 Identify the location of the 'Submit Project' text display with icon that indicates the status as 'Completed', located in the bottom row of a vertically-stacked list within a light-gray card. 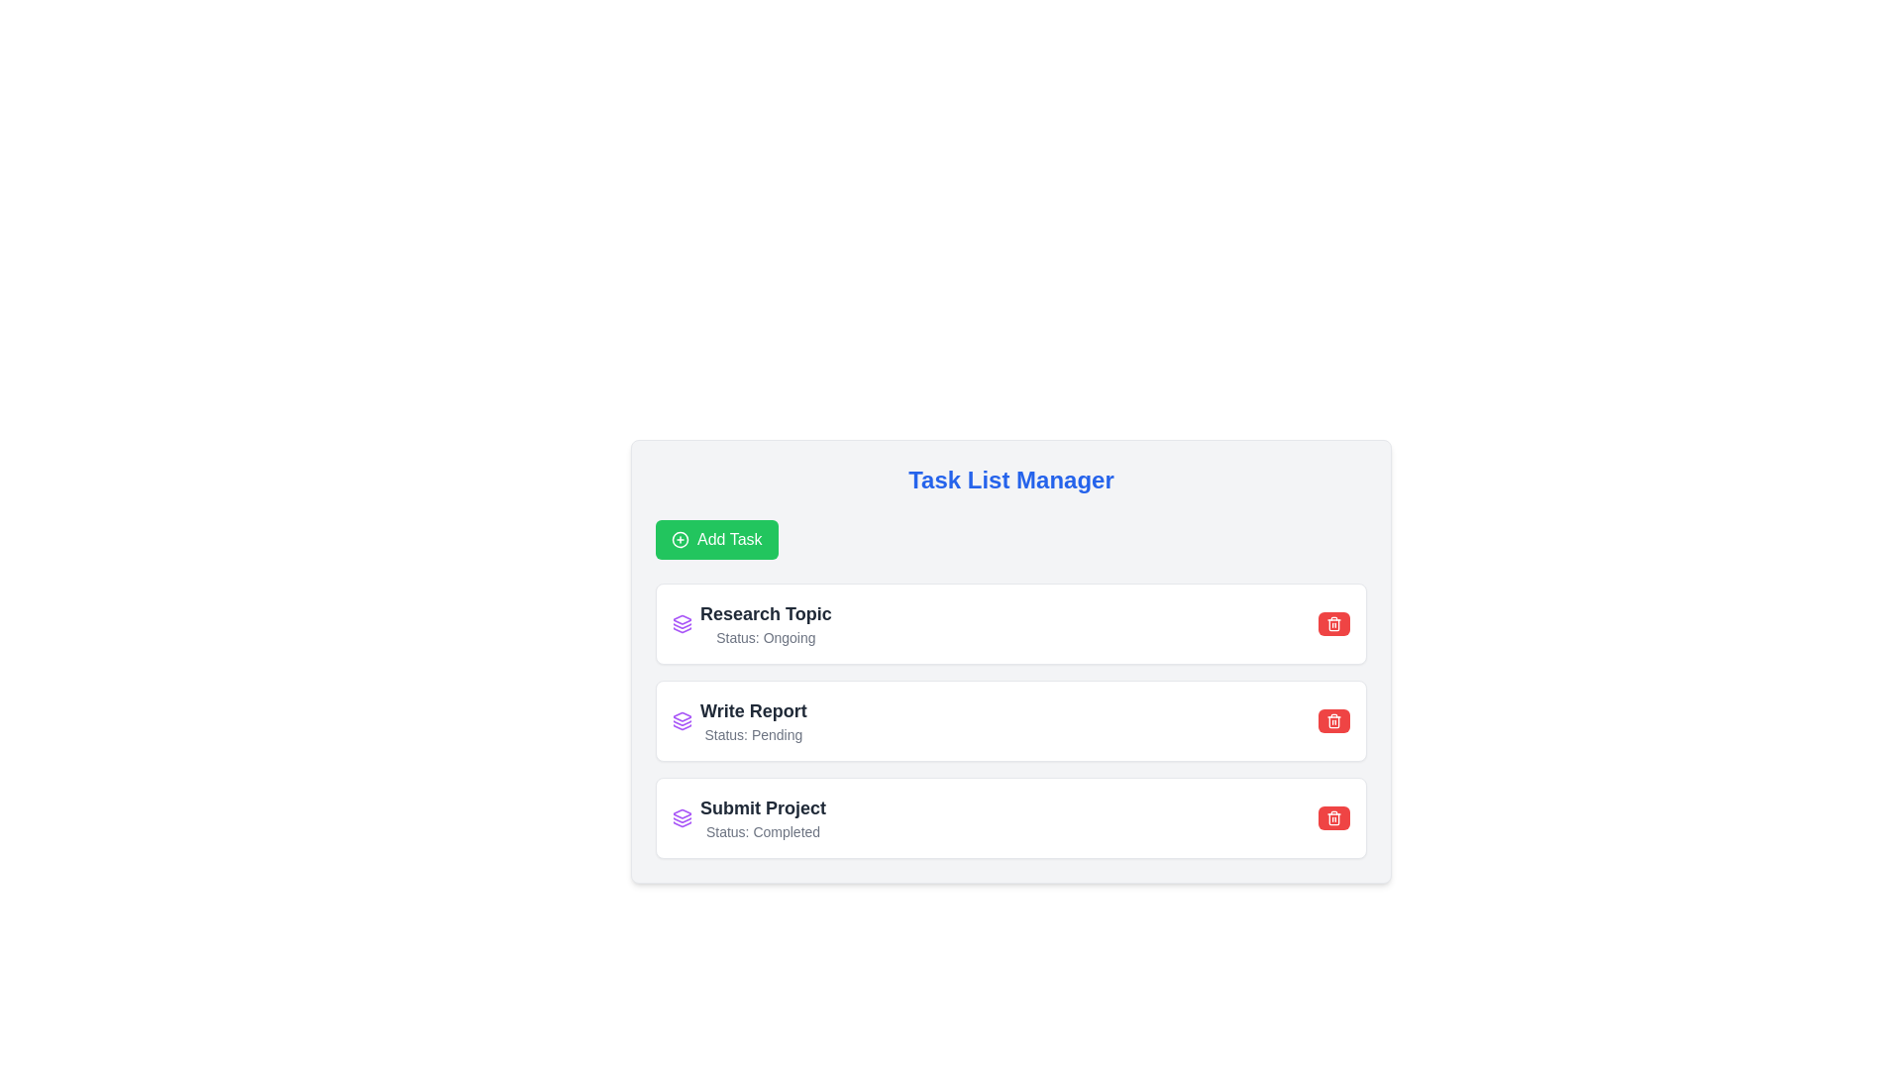
(748, 817).